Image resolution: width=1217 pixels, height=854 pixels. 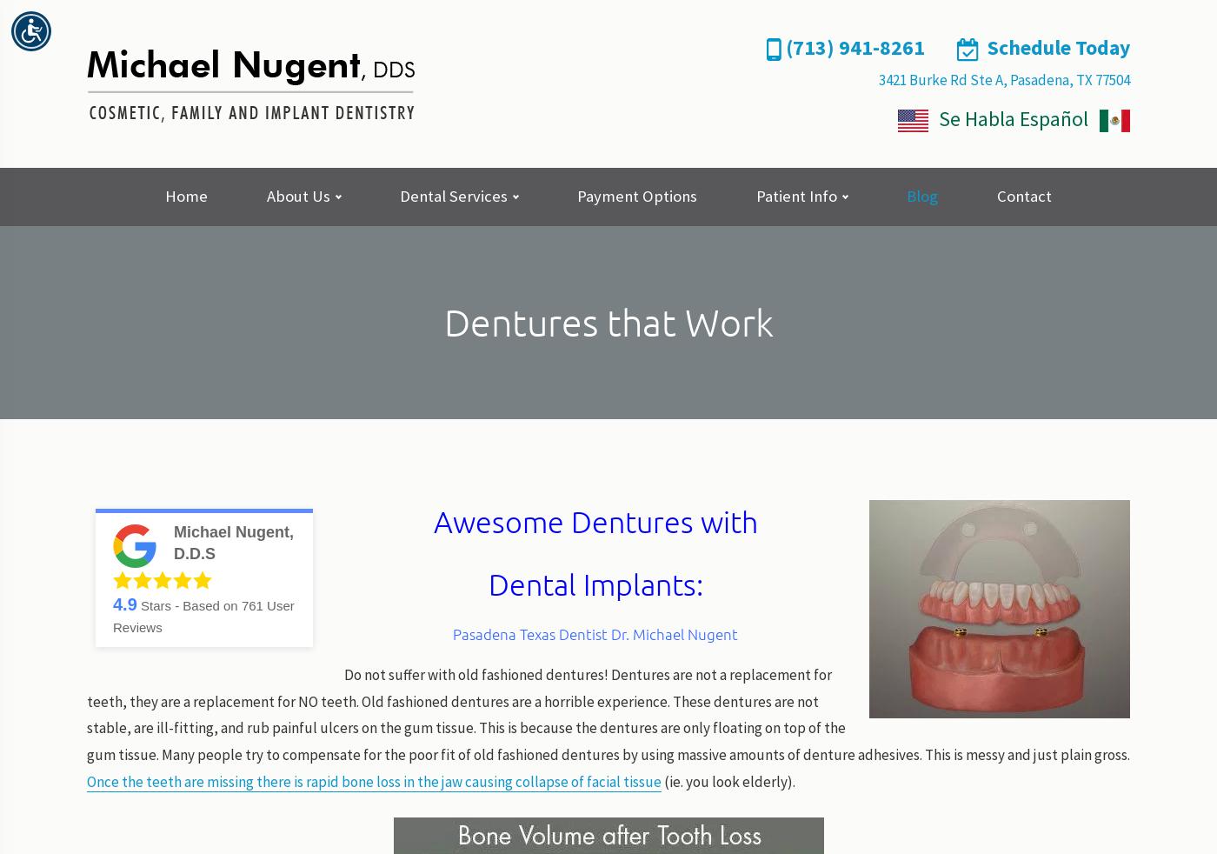 What do you see at coordinates (1076, 78) in the screenshot?
I see `'TX'` at bounding box center [1076, 78].